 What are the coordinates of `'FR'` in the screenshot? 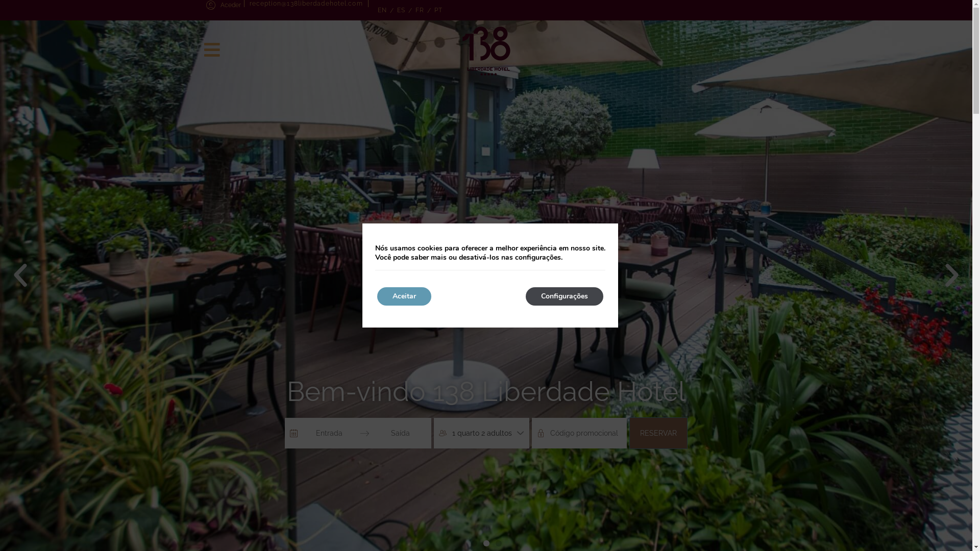 It's located at (420, 10).